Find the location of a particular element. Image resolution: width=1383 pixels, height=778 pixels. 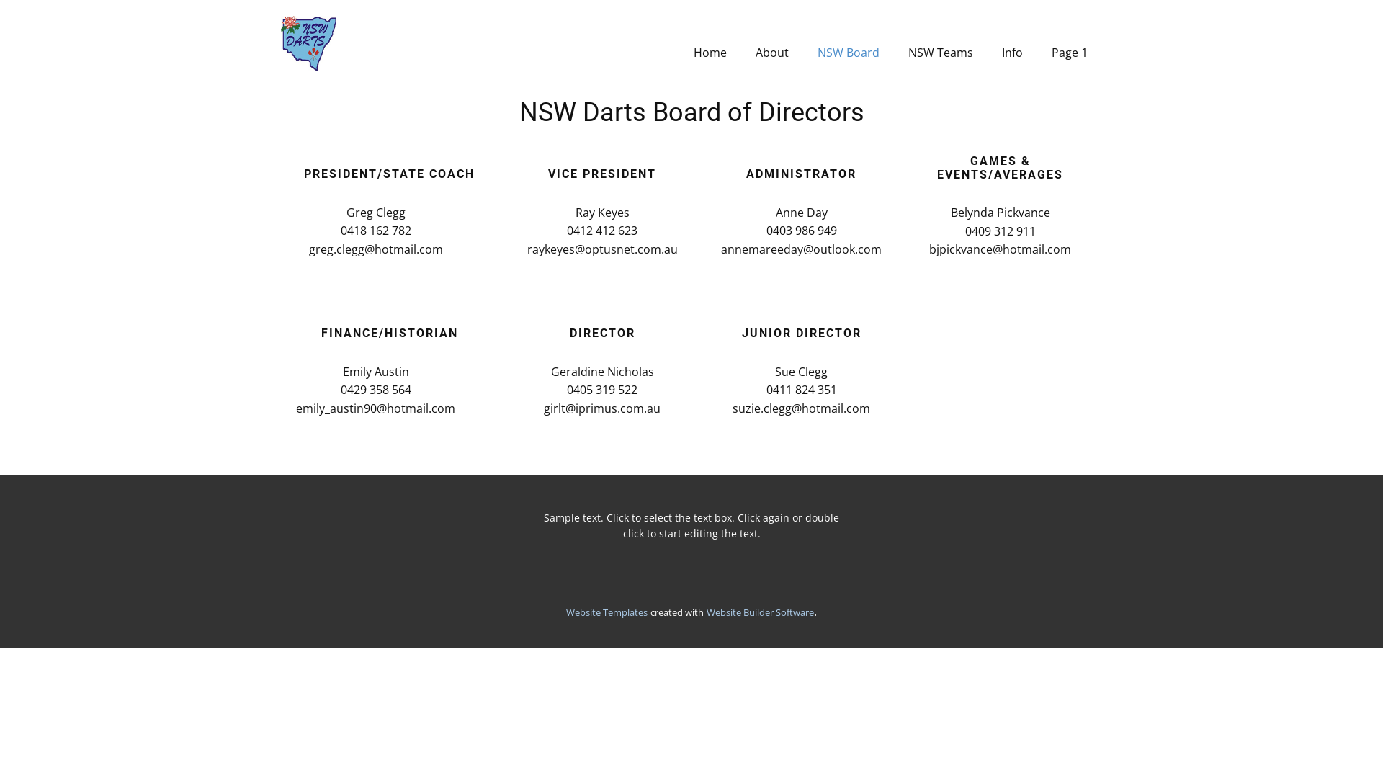

'About' is located at coordinates (771, 52).